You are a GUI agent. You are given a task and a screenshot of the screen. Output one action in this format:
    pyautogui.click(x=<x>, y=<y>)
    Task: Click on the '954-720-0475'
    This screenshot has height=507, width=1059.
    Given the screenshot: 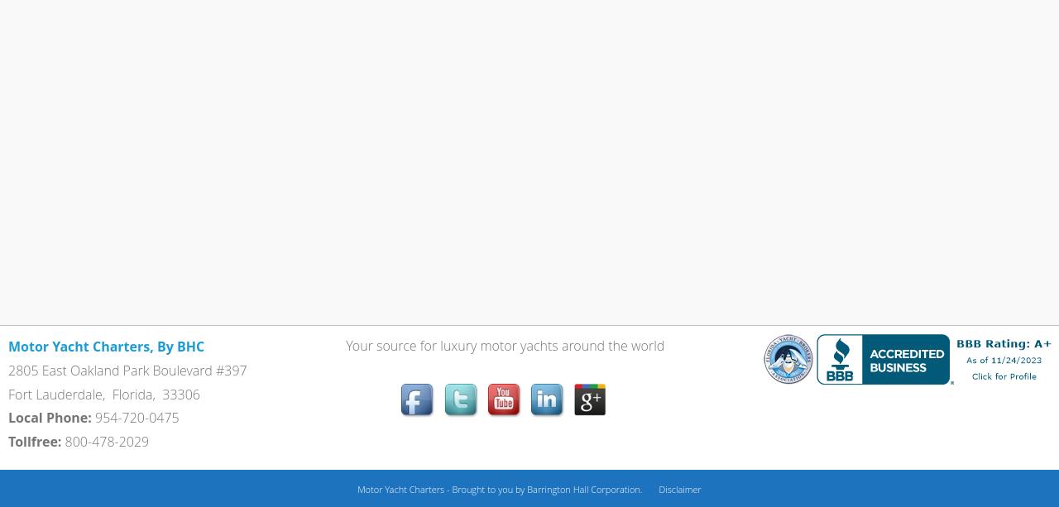 What is the action you would take?
    pyautogui.click(x=93, y=417)
    